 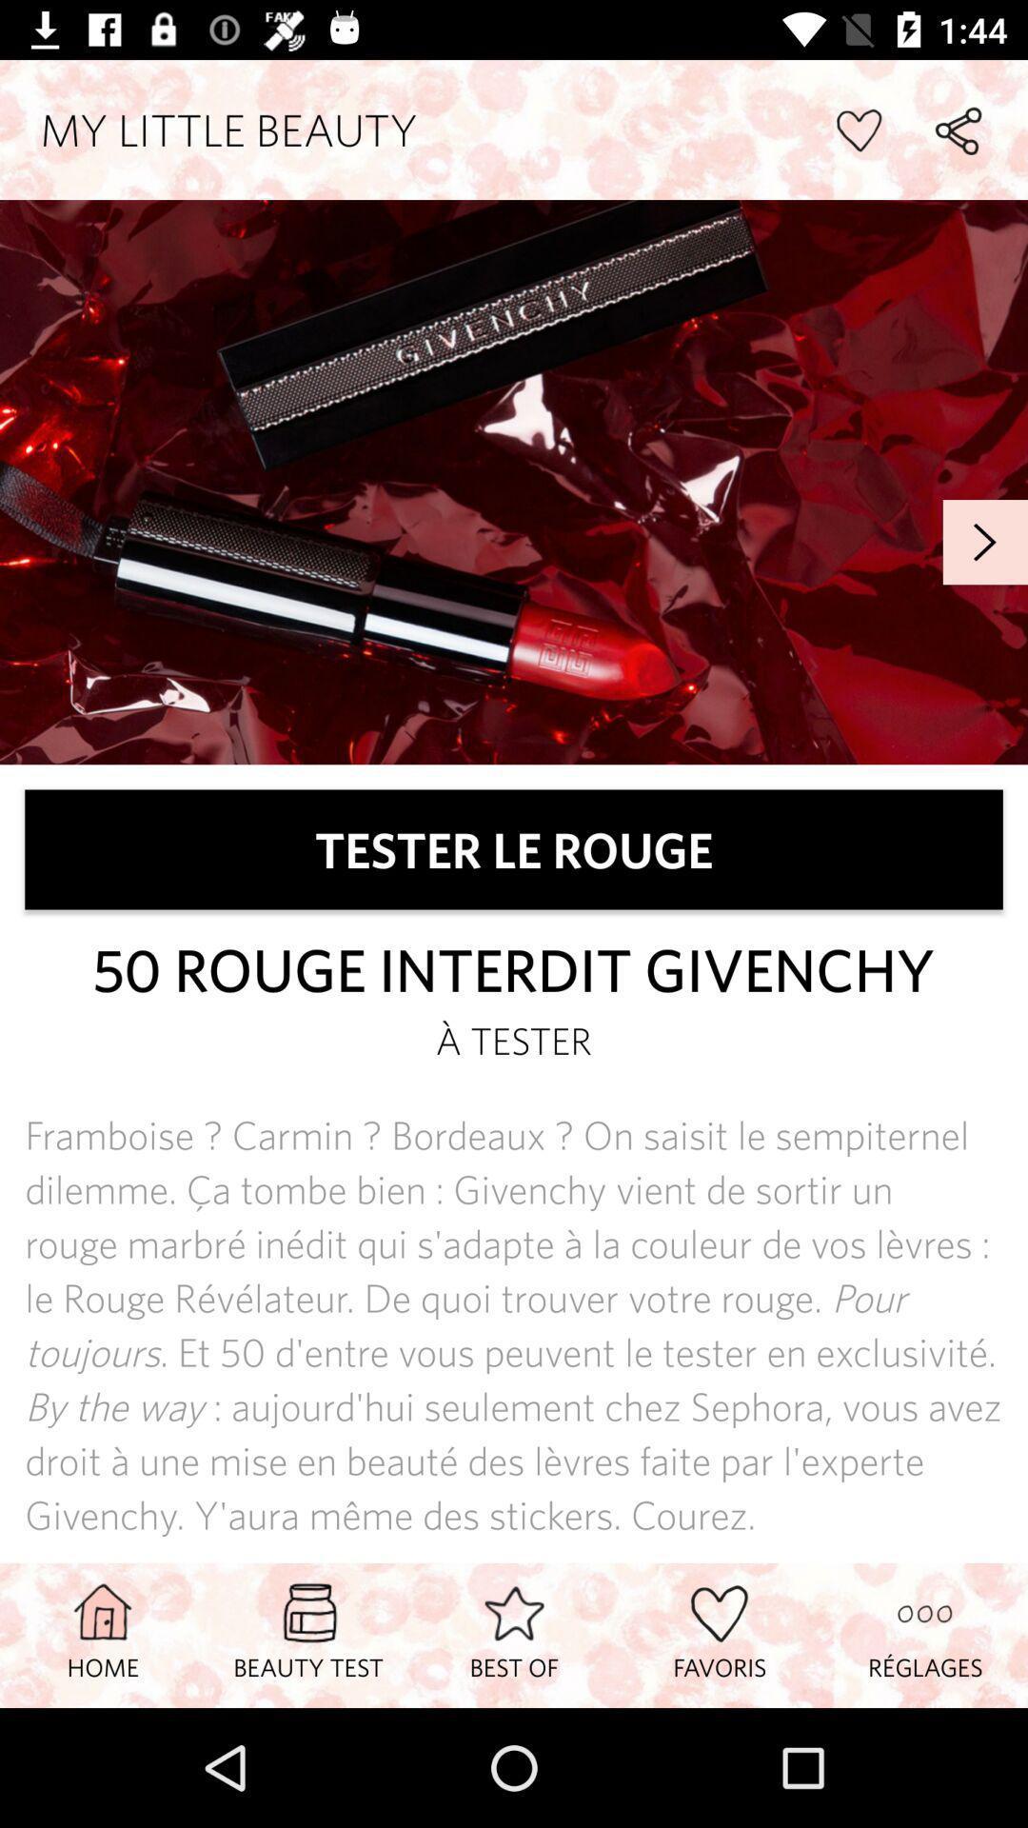 What do you see at coordinates (514, 848) in the screenshot?
I see `tester le rouge icon` at bounding box center [514, 848].